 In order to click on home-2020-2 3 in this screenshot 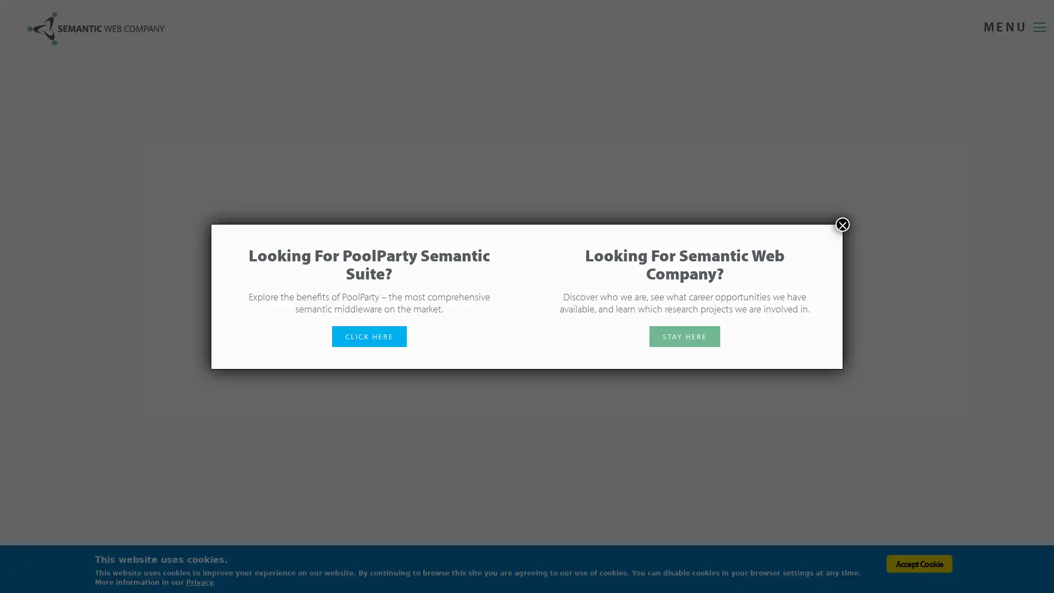, I will do `click(1021, 306)`.